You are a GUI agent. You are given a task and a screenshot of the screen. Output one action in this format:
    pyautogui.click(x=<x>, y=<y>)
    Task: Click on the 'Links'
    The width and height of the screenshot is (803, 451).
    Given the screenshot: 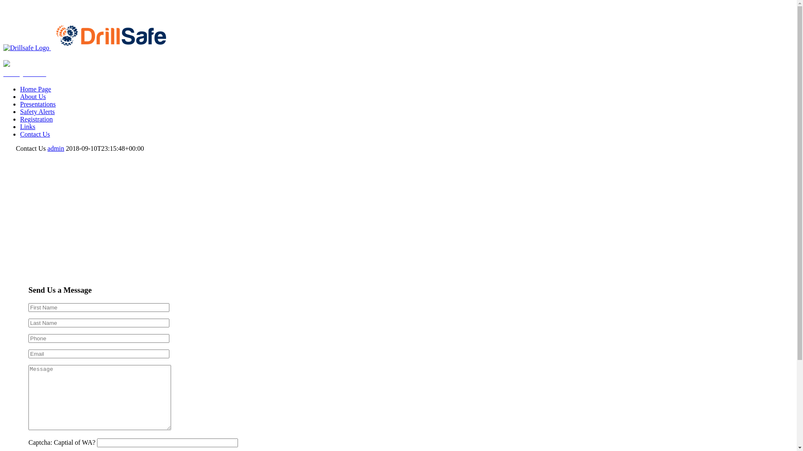 What is the action you would take?
    pyautogui.click(x=28, y=127)
    